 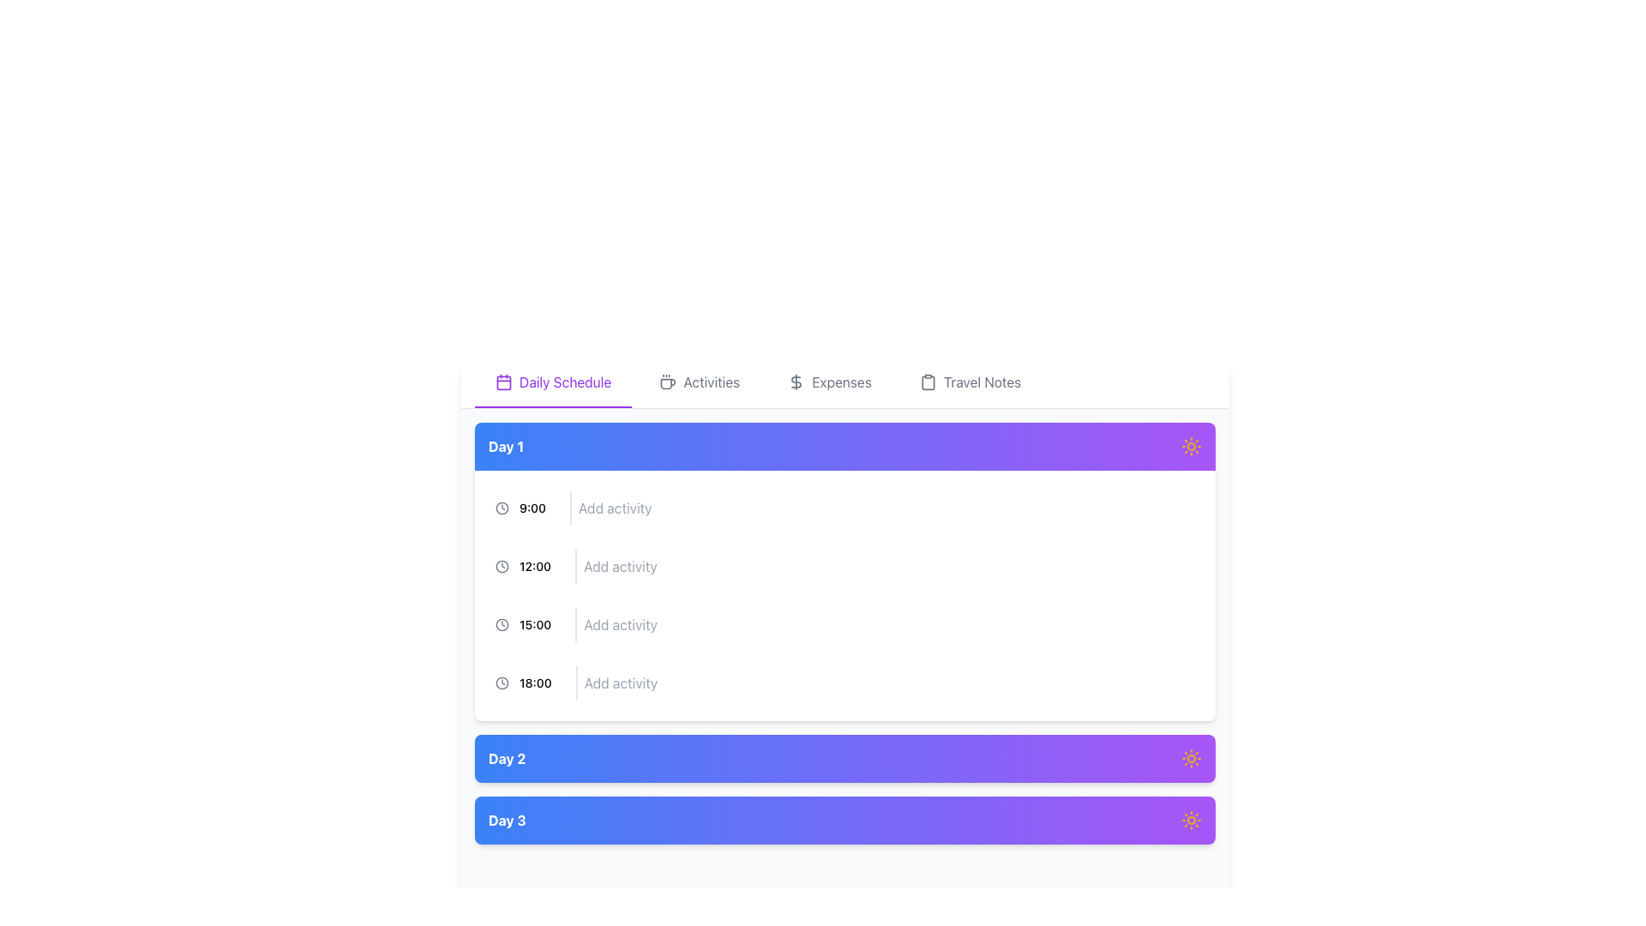 I want to click on the 'Travel Notes' icon, which is the first element in the navigation item associated with recording or organizing notes, located in the upper-right section of the interface, so click(x=927, y=382).